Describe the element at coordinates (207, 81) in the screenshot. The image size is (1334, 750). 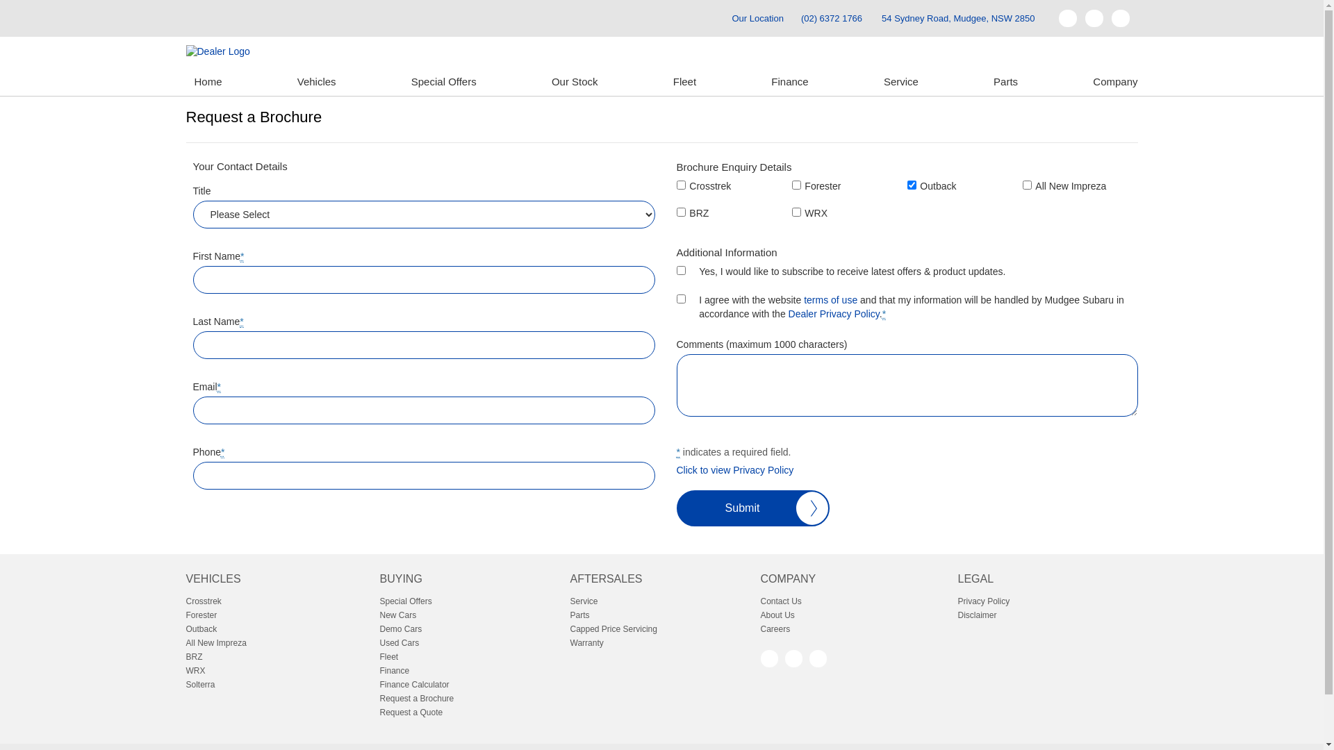
I see `'Home'` at that location.